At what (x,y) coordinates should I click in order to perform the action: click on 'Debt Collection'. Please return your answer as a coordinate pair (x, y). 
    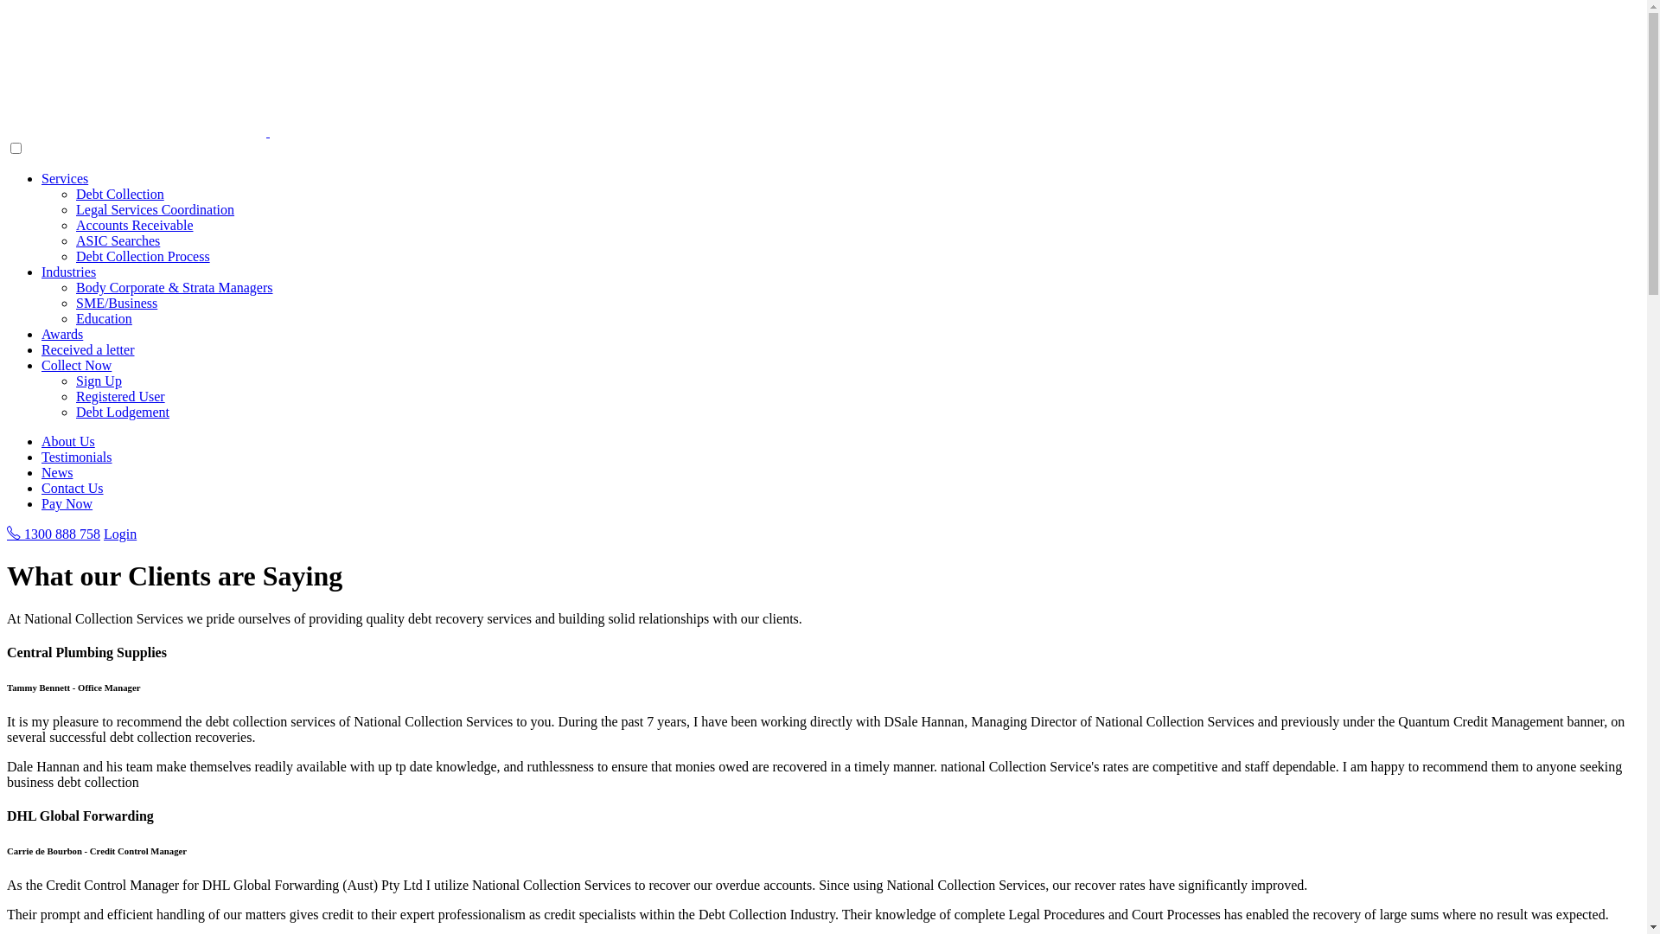
    Looking at the image, I should click on (119, 194).